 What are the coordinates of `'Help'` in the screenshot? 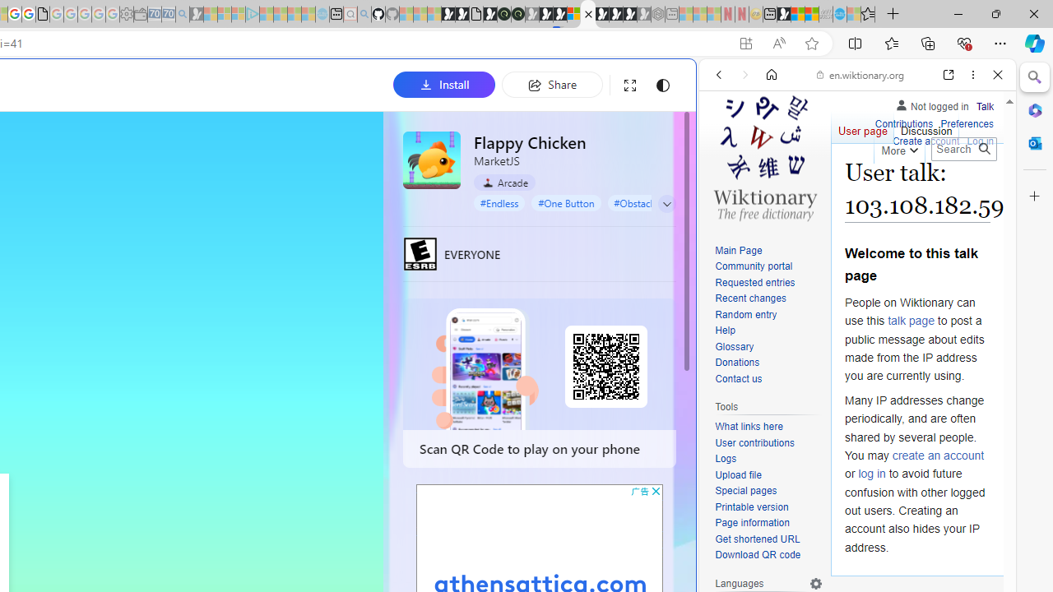 It's located at (724, 331).